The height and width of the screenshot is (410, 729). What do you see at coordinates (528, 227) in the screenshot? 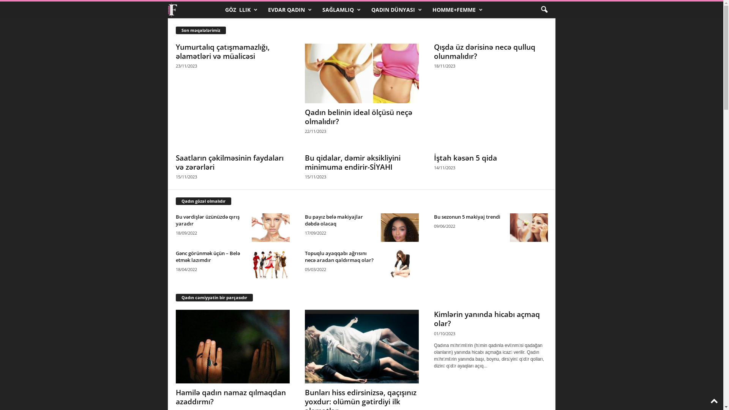
I see `'Bu sezonun 5 makiyaj trendi'` at bounding box center [528, 227].